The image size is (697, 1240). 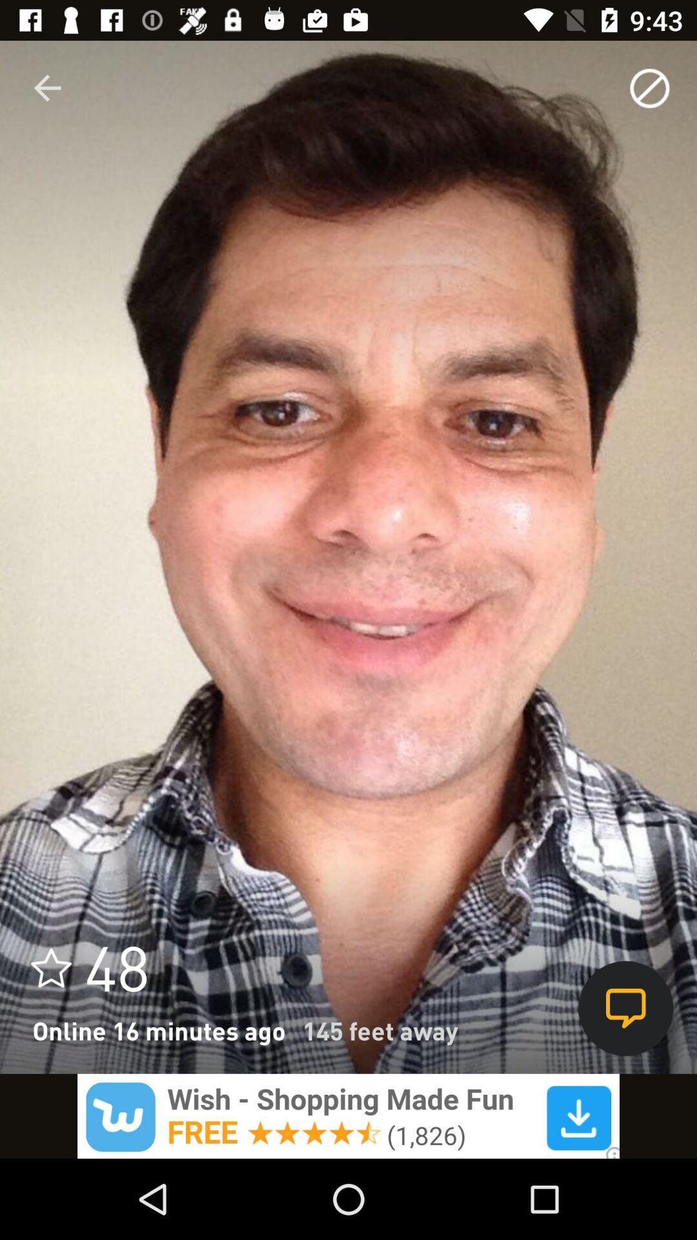 I want to click on the star icon, so click(x=57, y=967).